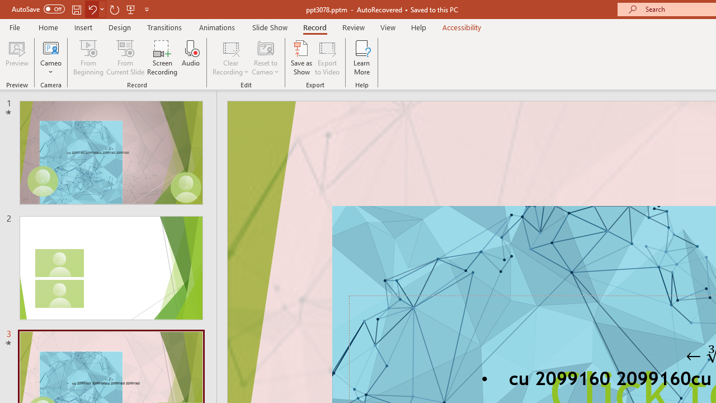  Describe the element at coordinates (265, 58) in the screenshot. I see `'Reset to Cameo'` at that location.